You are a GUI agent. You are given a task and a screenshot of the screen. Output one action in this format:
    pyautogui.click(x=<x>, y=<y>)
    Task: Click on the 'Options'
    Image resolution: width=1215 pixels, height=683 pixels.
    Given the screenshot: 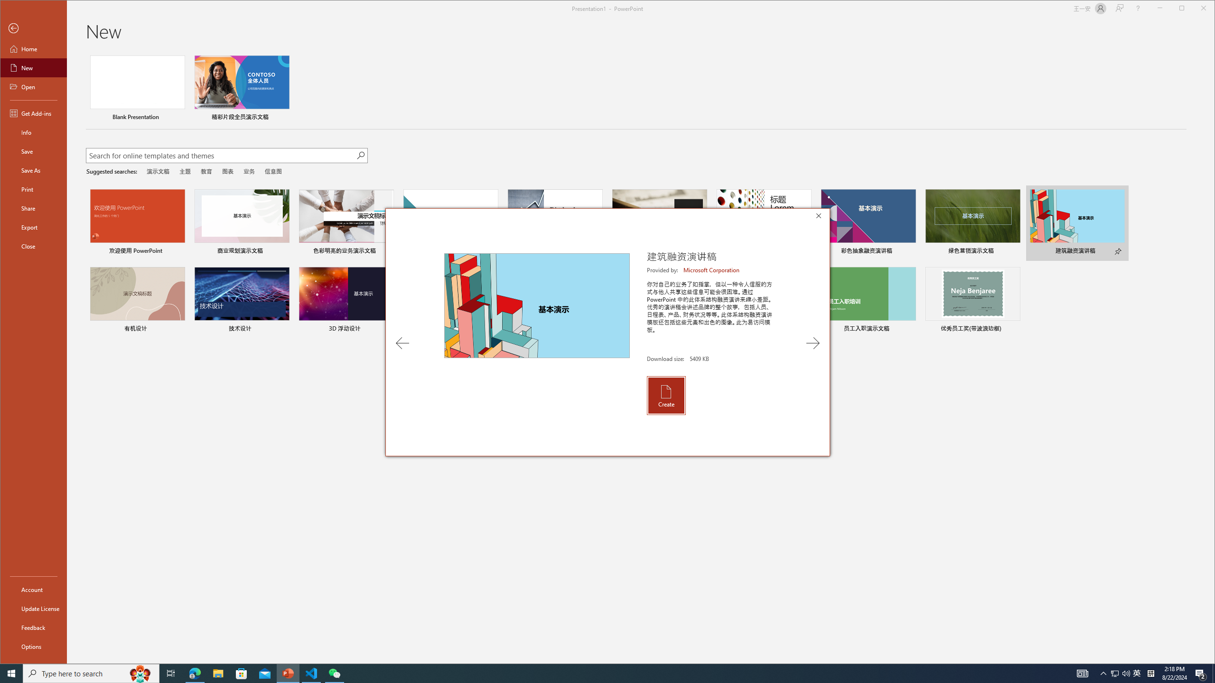 What is the action you would take?
    pyautogui.click(x=33, y=646)
    